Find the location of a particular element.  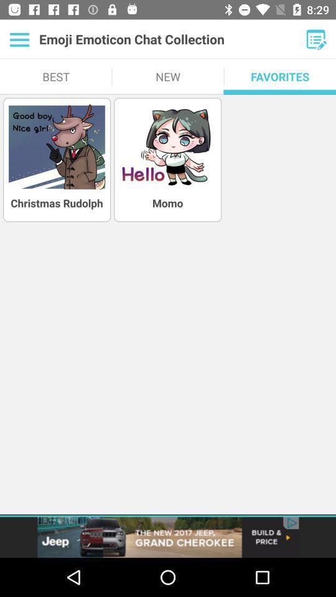

advertisement on jeep grand cherokee is located at coordinates (168, 537).